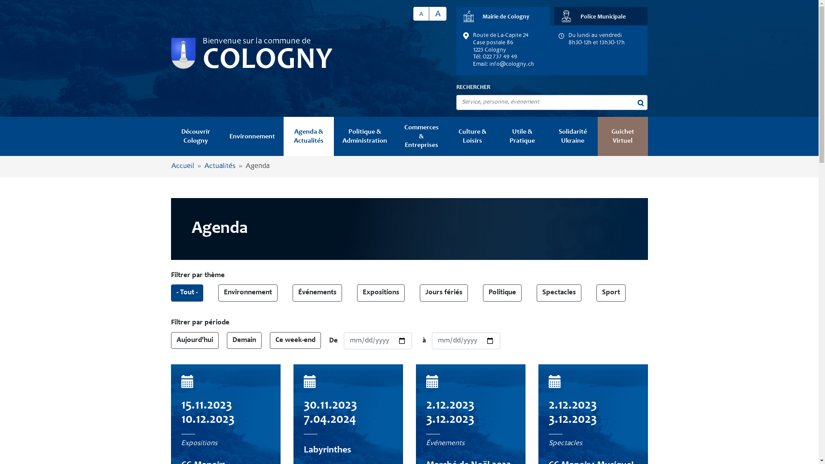 This screenshot has height=464, width=825. I want to click on 'Accueil', so click(171, 166).